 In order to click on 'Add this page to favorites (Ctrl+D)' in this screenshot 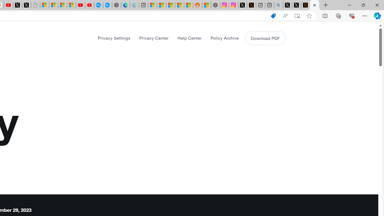, I will do `click(309, 16)`.